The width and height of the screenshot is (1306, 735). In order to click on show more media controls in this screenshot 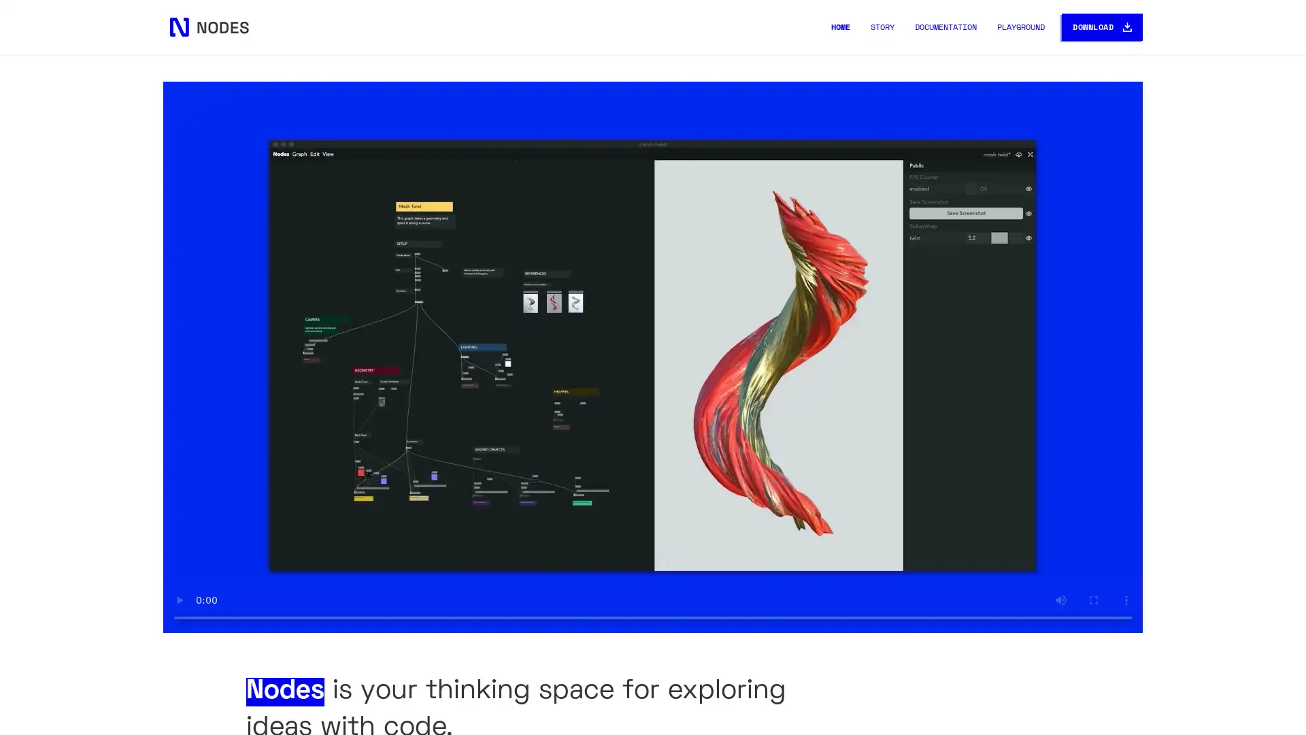, I will do `click(1126, 600)`.